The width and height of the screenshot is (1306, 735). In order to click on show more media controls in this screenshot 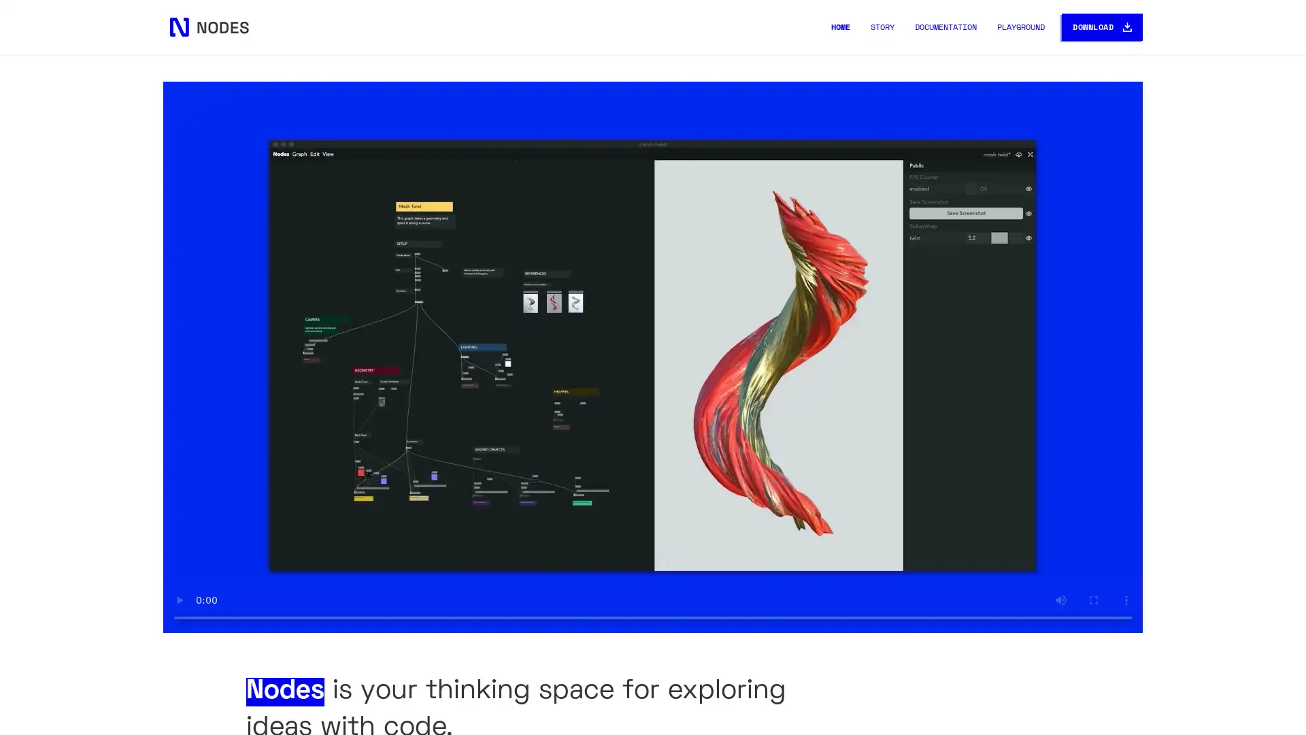, I will do `click(1126, 600)`.